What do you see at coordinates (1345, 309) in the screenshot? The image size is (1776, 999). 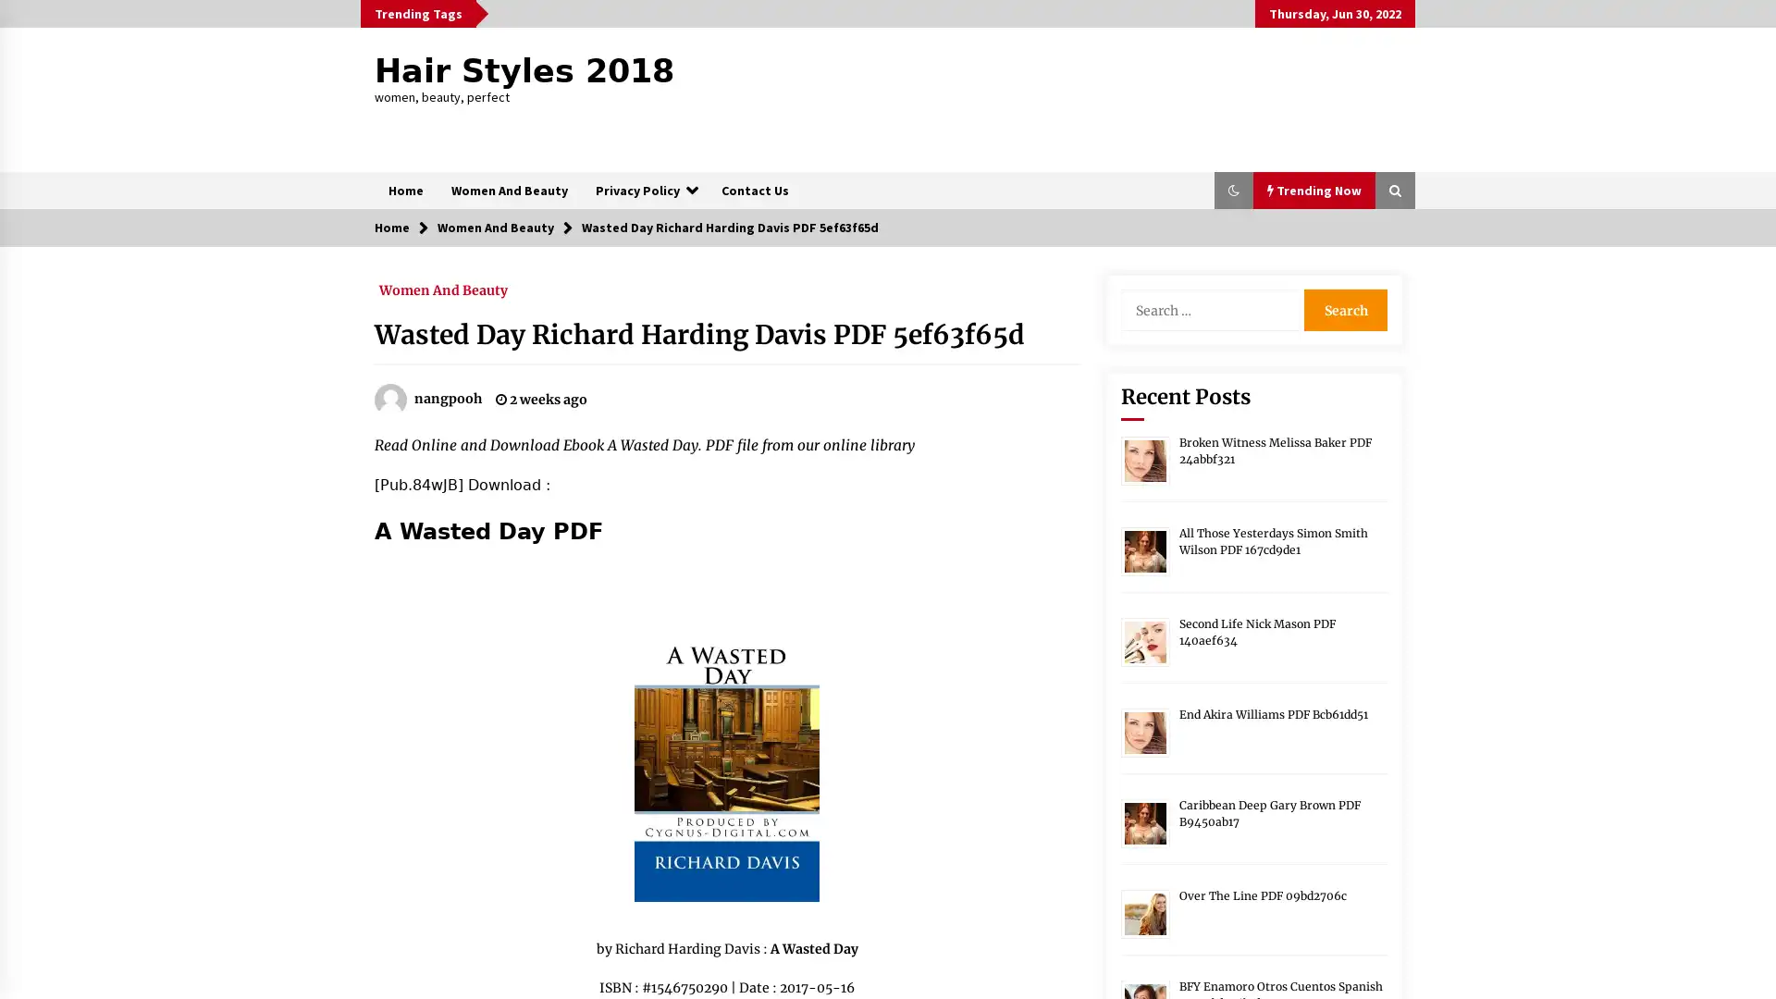 I see `Search` at bounding box center [1345, 309].